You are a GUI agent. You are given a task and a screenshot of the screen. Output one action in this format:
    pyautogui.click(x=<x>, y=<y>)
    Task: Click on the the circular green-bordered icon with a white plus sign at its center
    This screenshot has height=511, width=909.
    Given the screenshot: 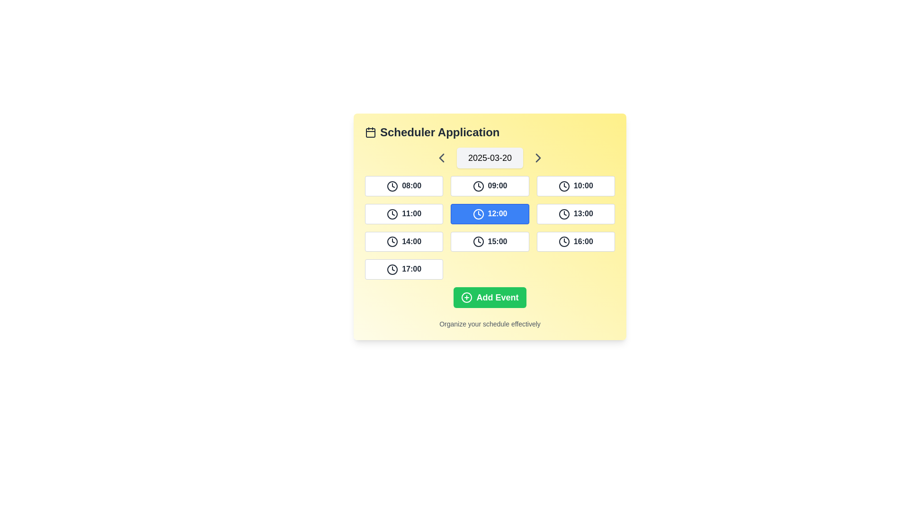 What is the action you would take?
    pyautogui.click(x=467, y=297)
    